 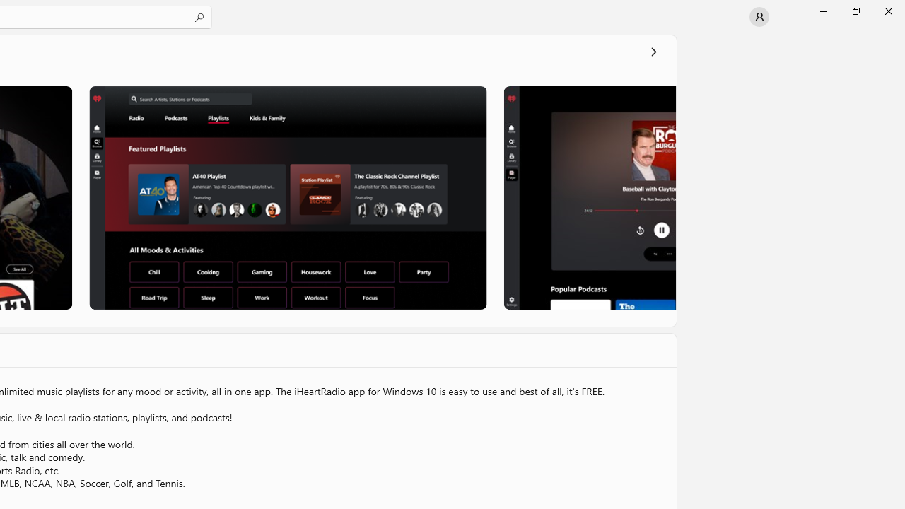 What do you see at coordinates (758, 17) in the screenshot?
I see `'User profile'` at bounding box center [758, 17].